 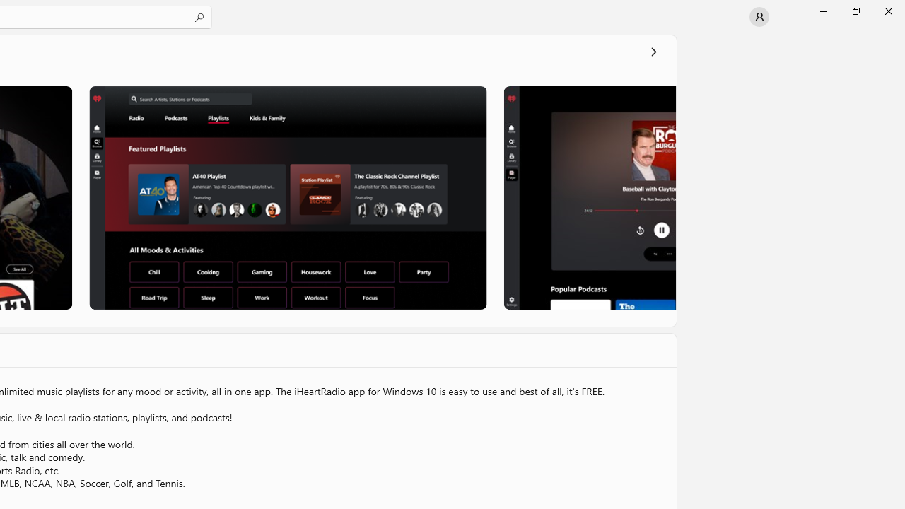 What do you see at coordinates (758, 17) in the screenshot?
I see `'User profile'` at bounding box center [758, 17].